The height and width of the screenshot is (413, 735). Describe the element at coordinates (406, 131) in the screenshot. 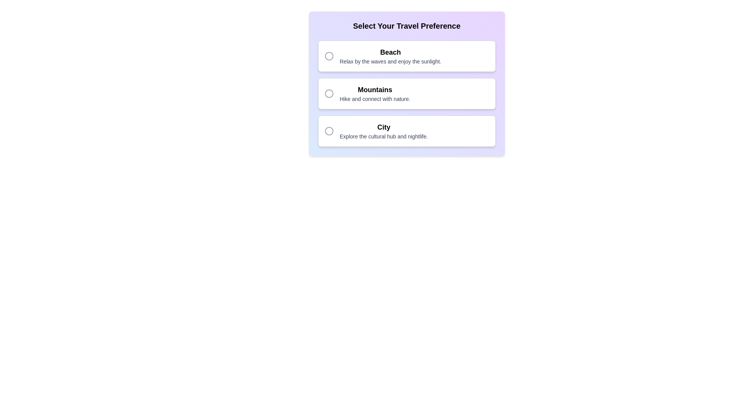

I see `the third selectable option in the travel preferences list` at that location.